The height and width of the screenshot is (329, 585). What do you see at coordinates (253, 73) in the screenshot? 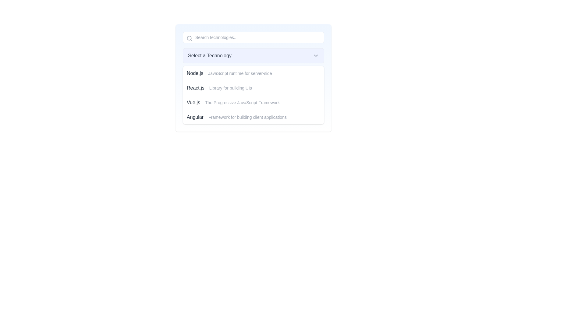
I see `the first item in the dropdown list which displays 'Node.js' in bold black text, followed by a smaller gray description 'JavaScript runtime for server-side'` at bounding box center [253, 73].